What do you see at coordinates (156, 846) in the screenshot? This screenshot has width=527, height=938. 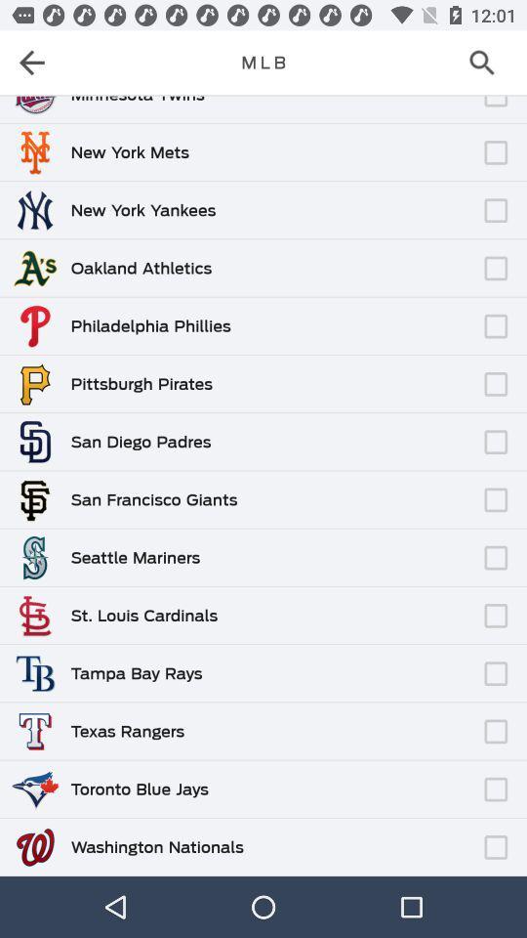 I see `washington nationals` at bounding box center [156, 846].